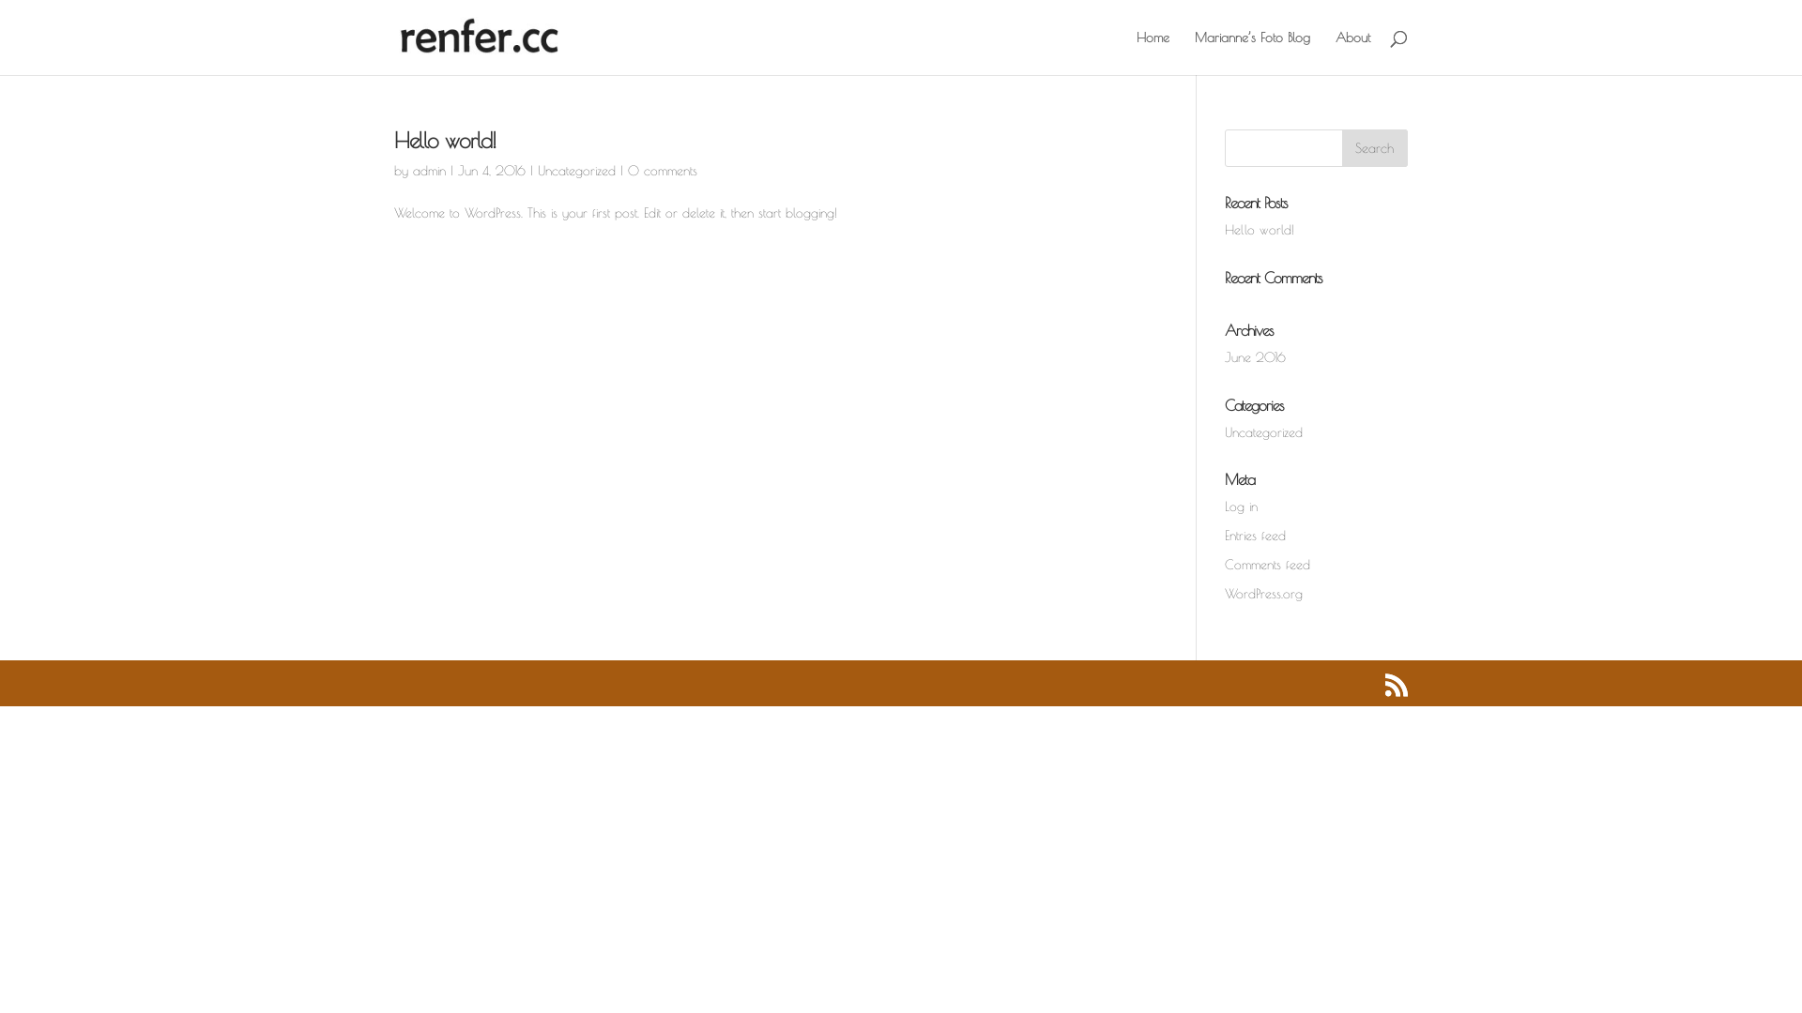 The image size is (1802, 1013). What do you see at coordinates (1225, 506) in the screenshot?
I see `'Log in'` at bounding box center [1225, 506].